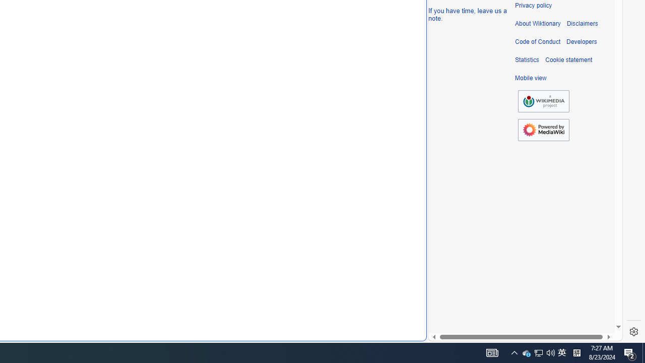 The image size is (645, 363). What do you see at coordinates (537, 41) in the screenshot?
I see `'Code of Conduct'` at bounding box center [537, 41].